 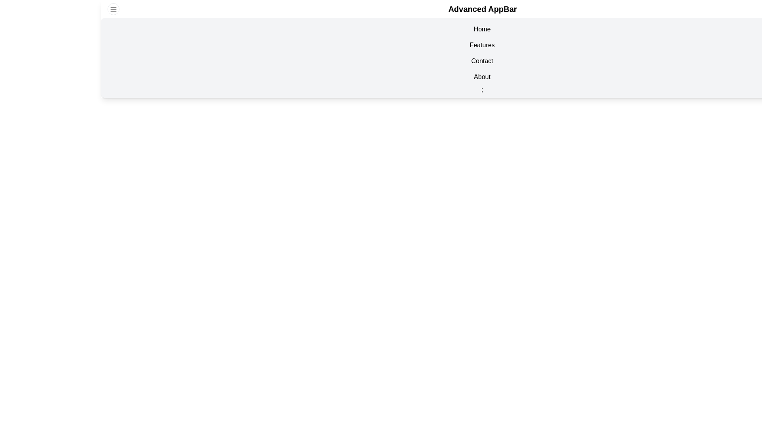 I want to click on the menu button to toggle the menu visibility, so click(x=113, y=9).